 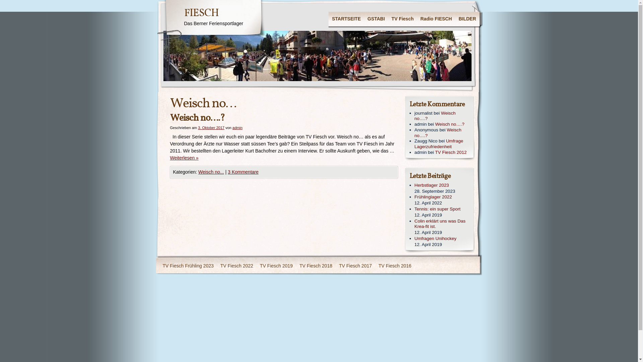 What do you see at coordinates (395, 266) in the screenshot?
I see `'TV Fiesch 2016'` at bounding box center [395, 266].